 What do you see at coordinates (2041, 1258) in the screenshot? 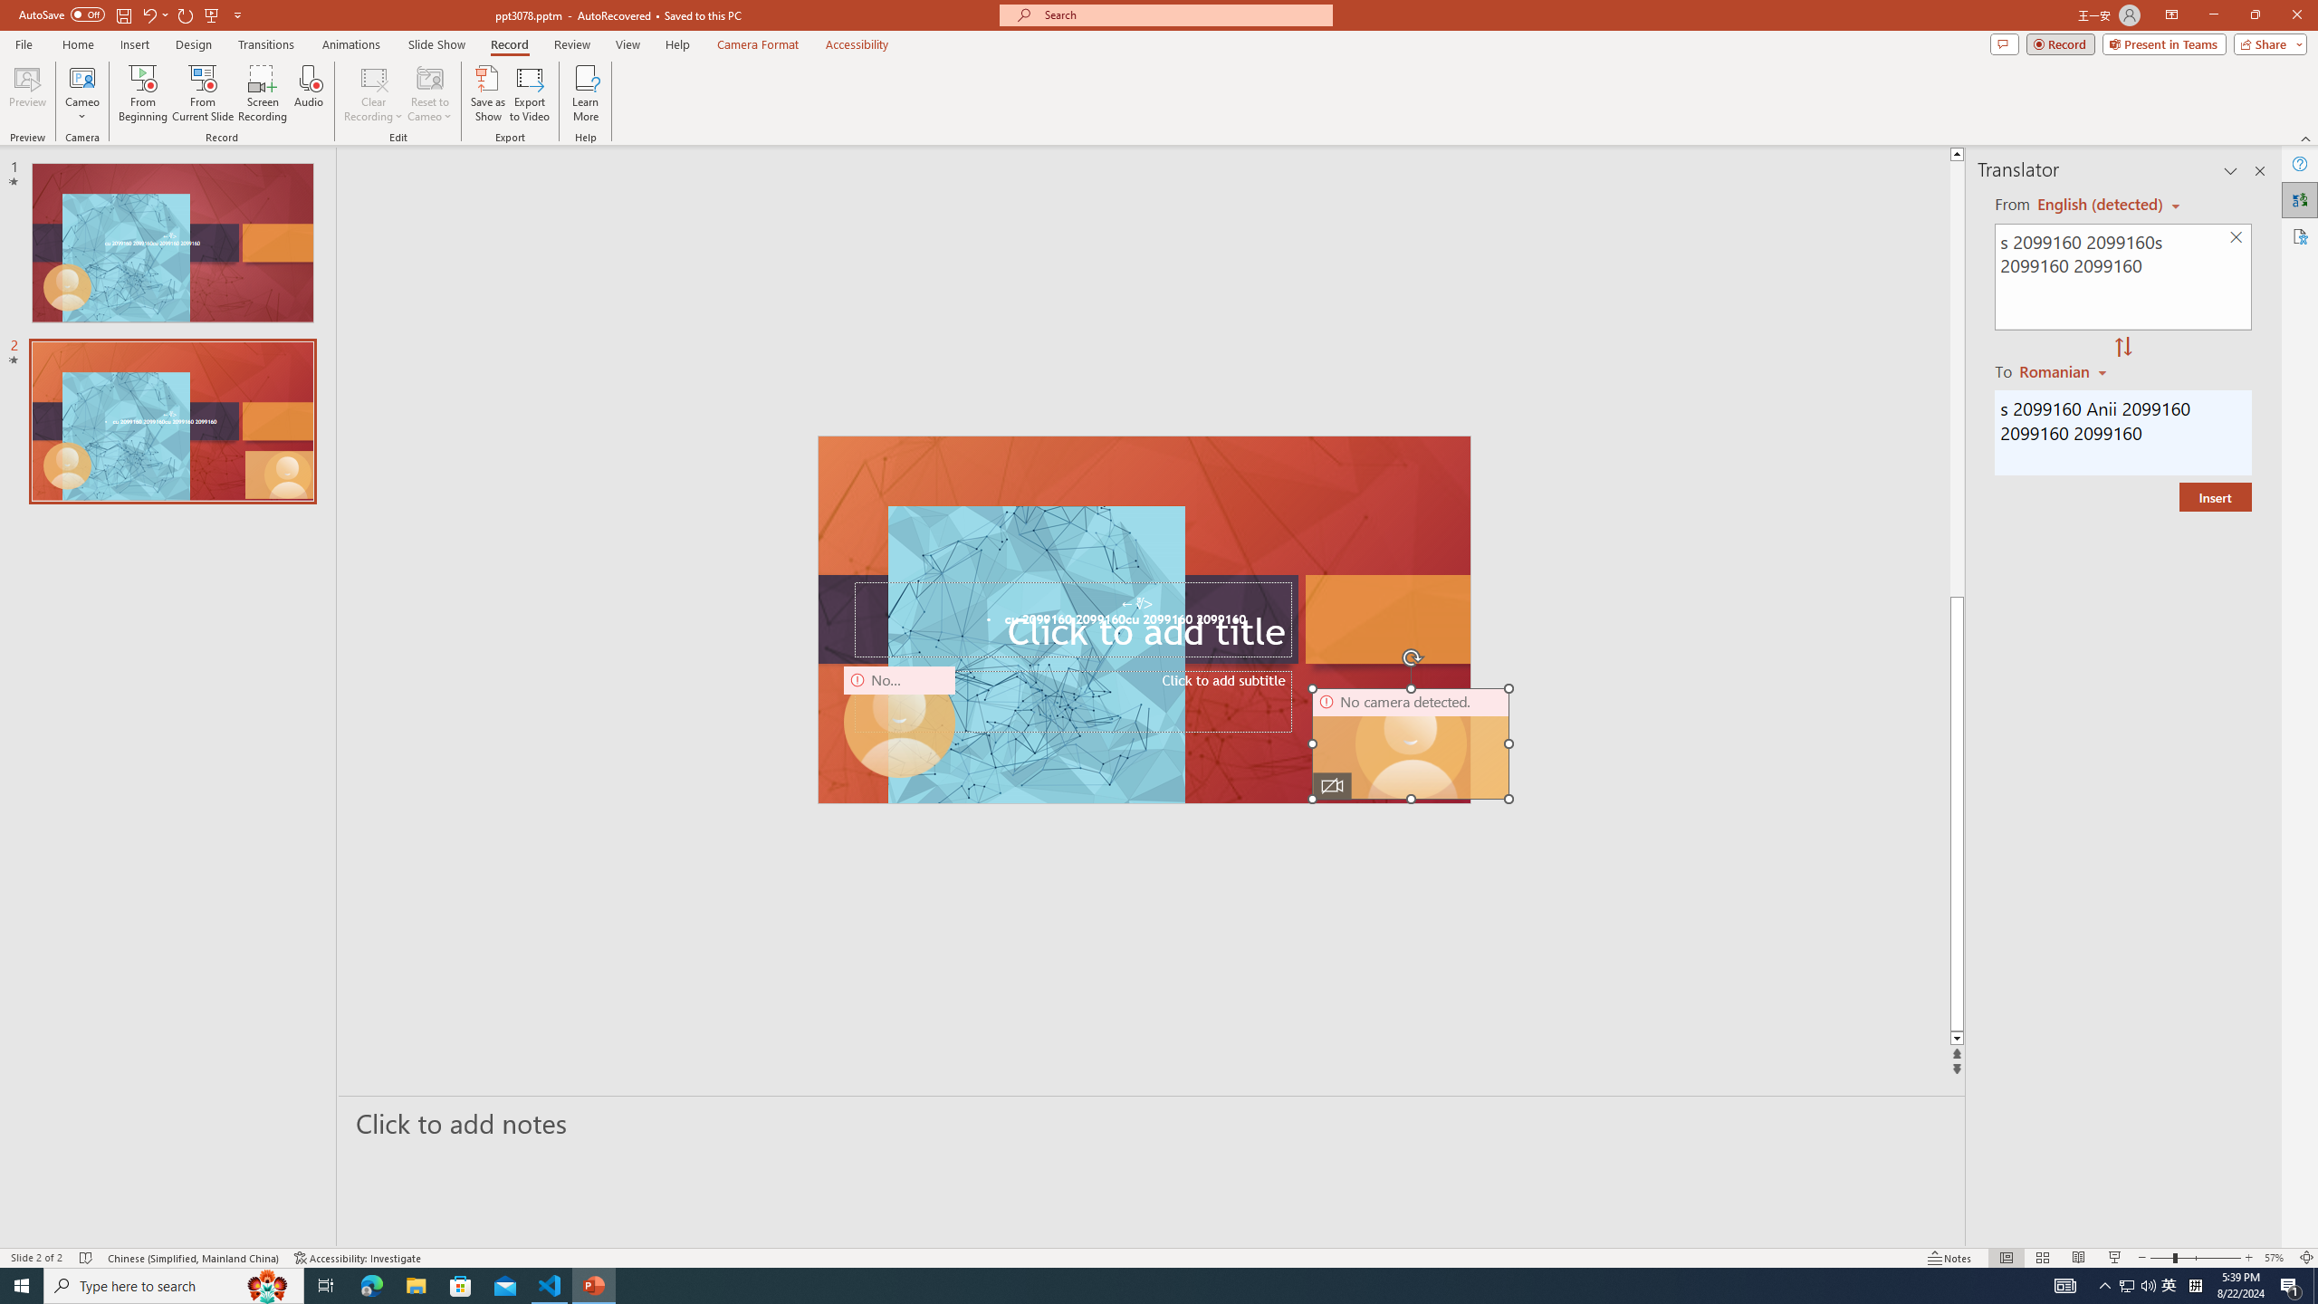
I see `'Slide Sorter'` at bounding box center [2041, 1258].